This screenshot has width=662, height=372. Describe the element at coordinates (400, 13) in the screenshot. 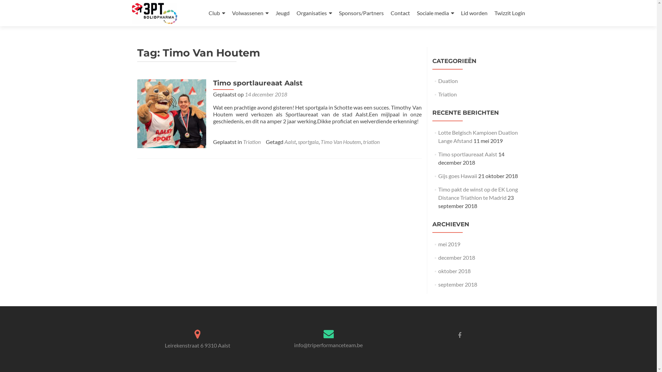

I see `'Contact'` at that location.